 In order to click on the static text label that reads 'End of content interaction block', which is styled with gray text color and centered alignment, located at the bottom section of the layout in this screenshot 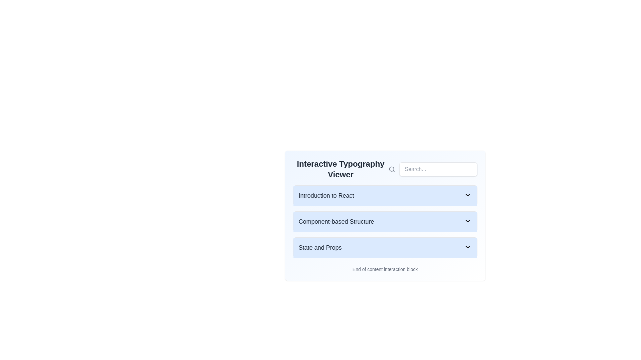, I will do `click(385, 269)`.